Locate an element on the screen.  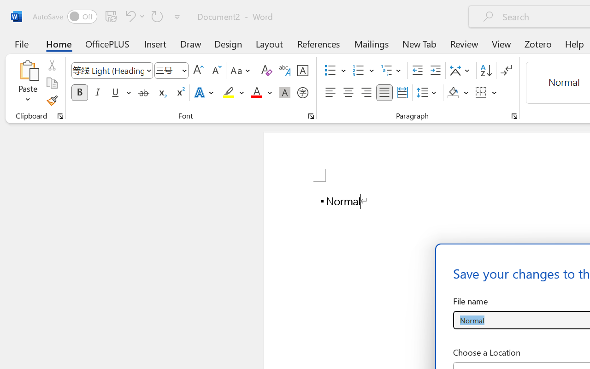
'Numbering' is located at coordinates (363, 71).